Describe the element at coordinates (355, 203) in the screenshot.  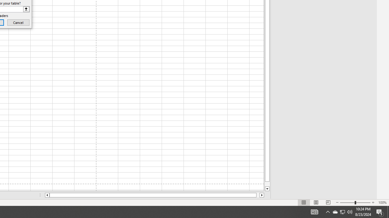
I see `'Zoom'` at that location.